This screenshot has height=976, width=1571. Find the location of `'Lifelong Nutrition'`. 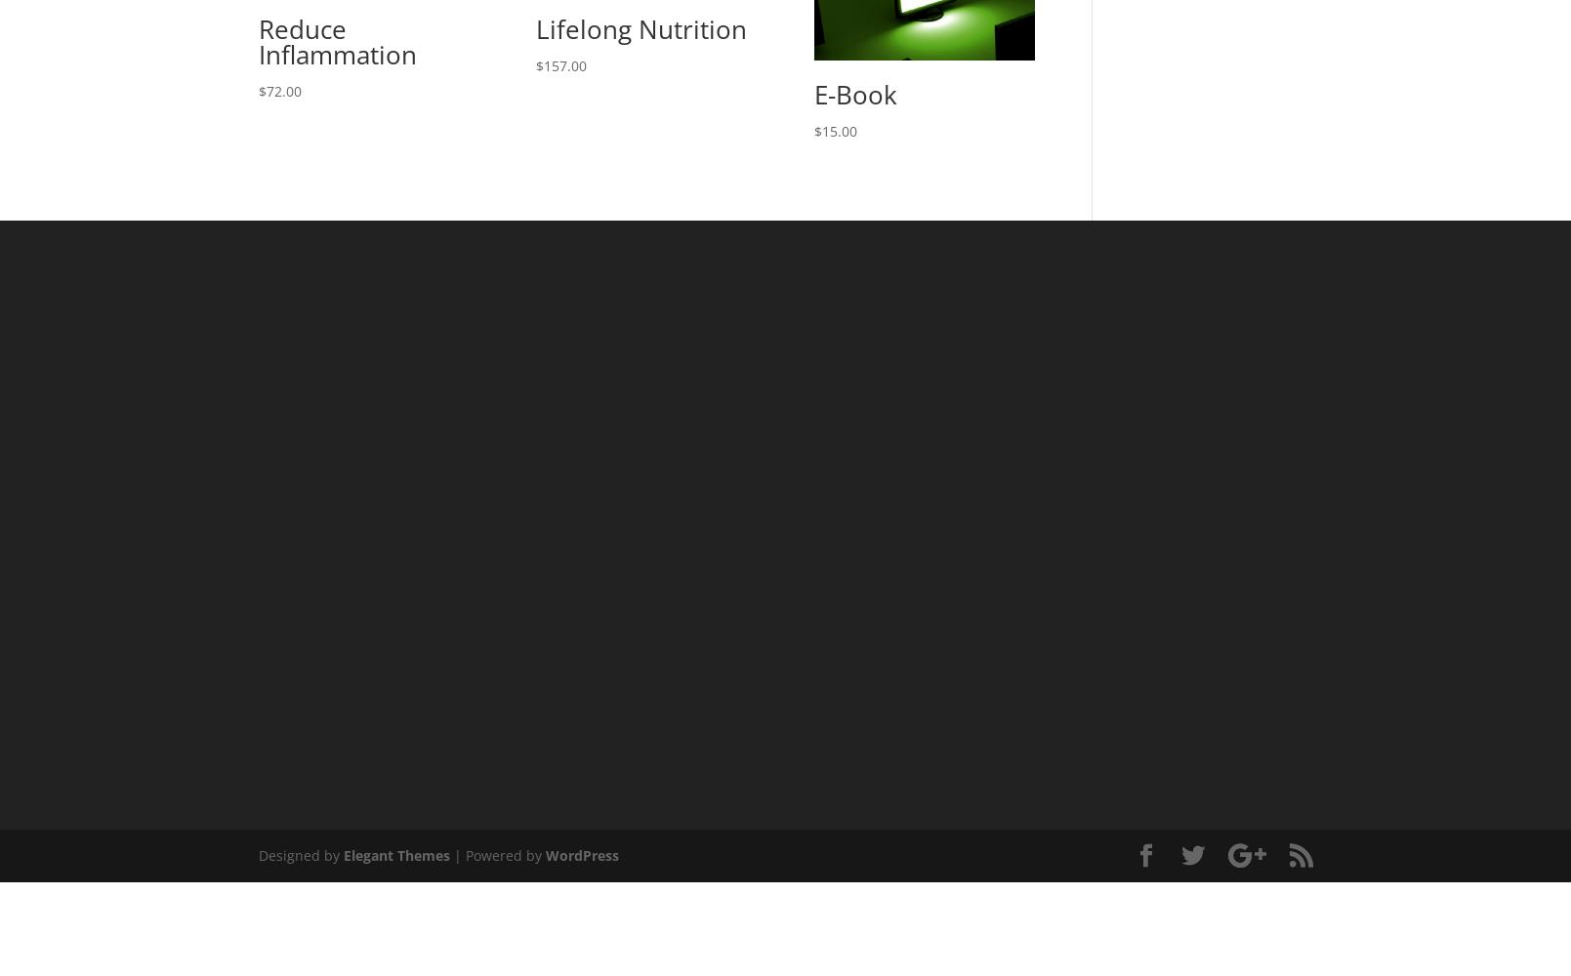

'Lifelong Nutrition' is located at coordinates (640, 29).